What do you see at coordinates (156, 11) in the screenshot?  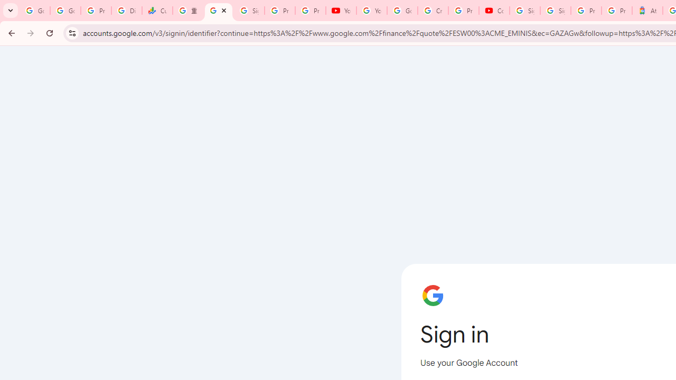 I see `'Currencies - Google Finance'` at bounding box center [156, 11].